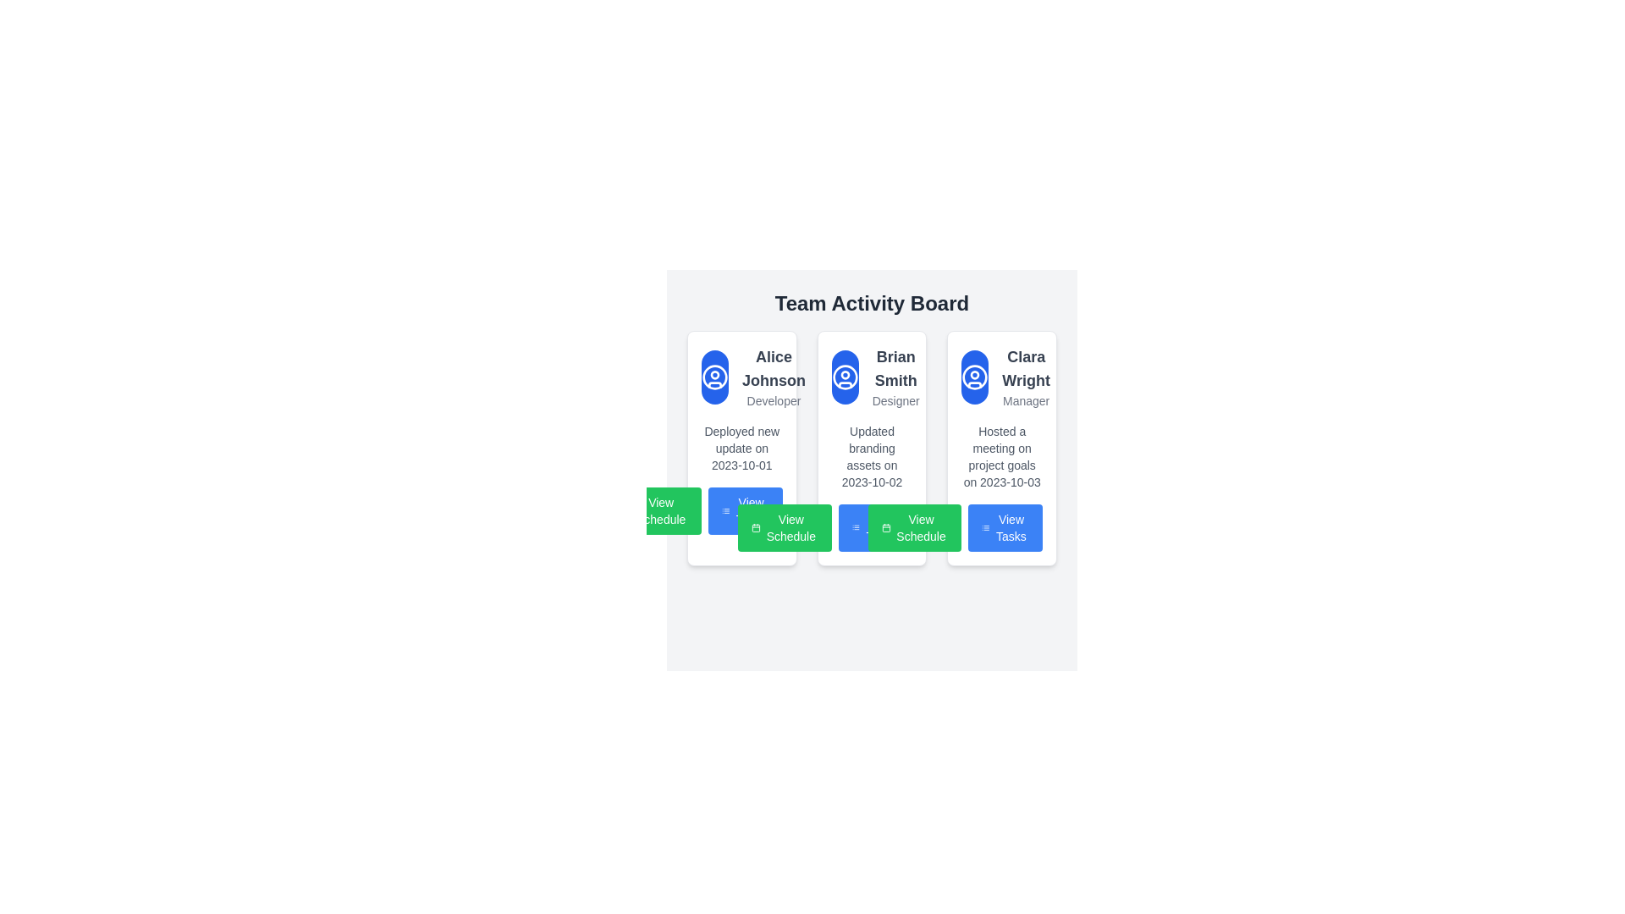 The height and width of the screenshot is (914, 1625). What do you see at coordinates (975, 377) in the screenshot?
I see `the circular blue icon button with a white user icon located in the third card of the grid layout under the 'Team Activity Board' heading` at bounding box center [975, 377].